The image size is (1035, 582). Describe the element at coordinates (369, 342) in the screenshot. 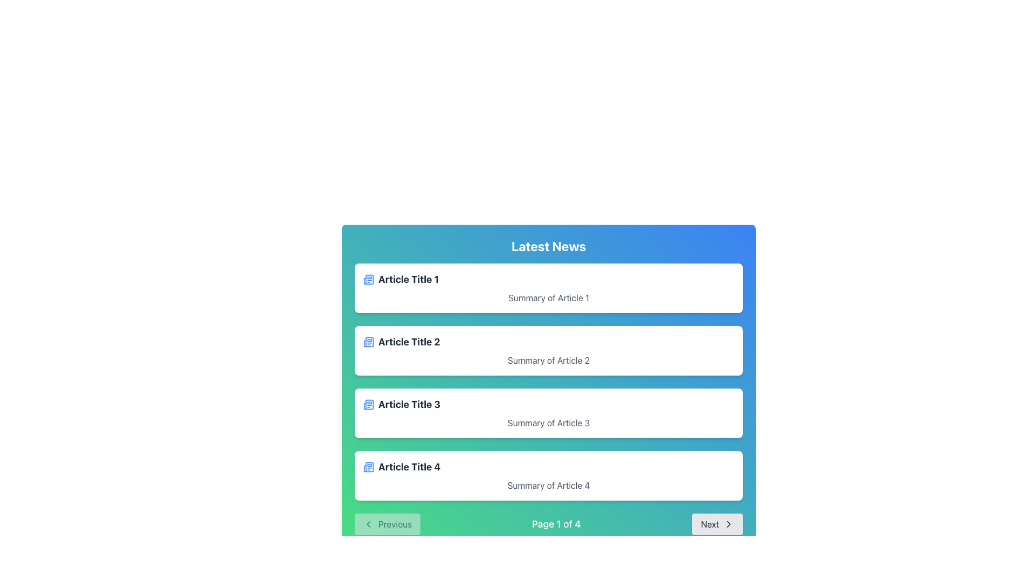

I see `the blue newspaper-like icon within the second listed news item, which is positioned below the first news entry and above the third` at that location.